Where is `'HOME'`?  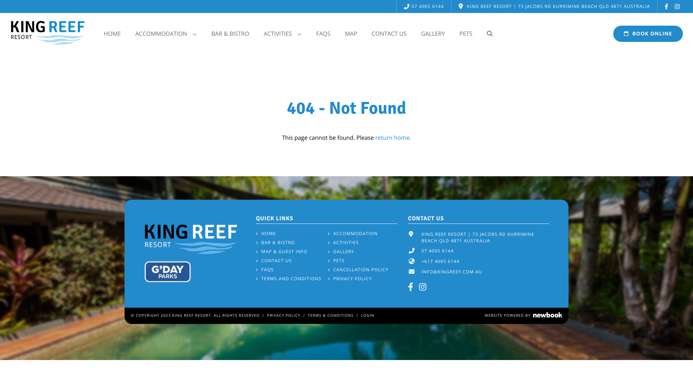 'HOME' is located at coordinates (112, 33).